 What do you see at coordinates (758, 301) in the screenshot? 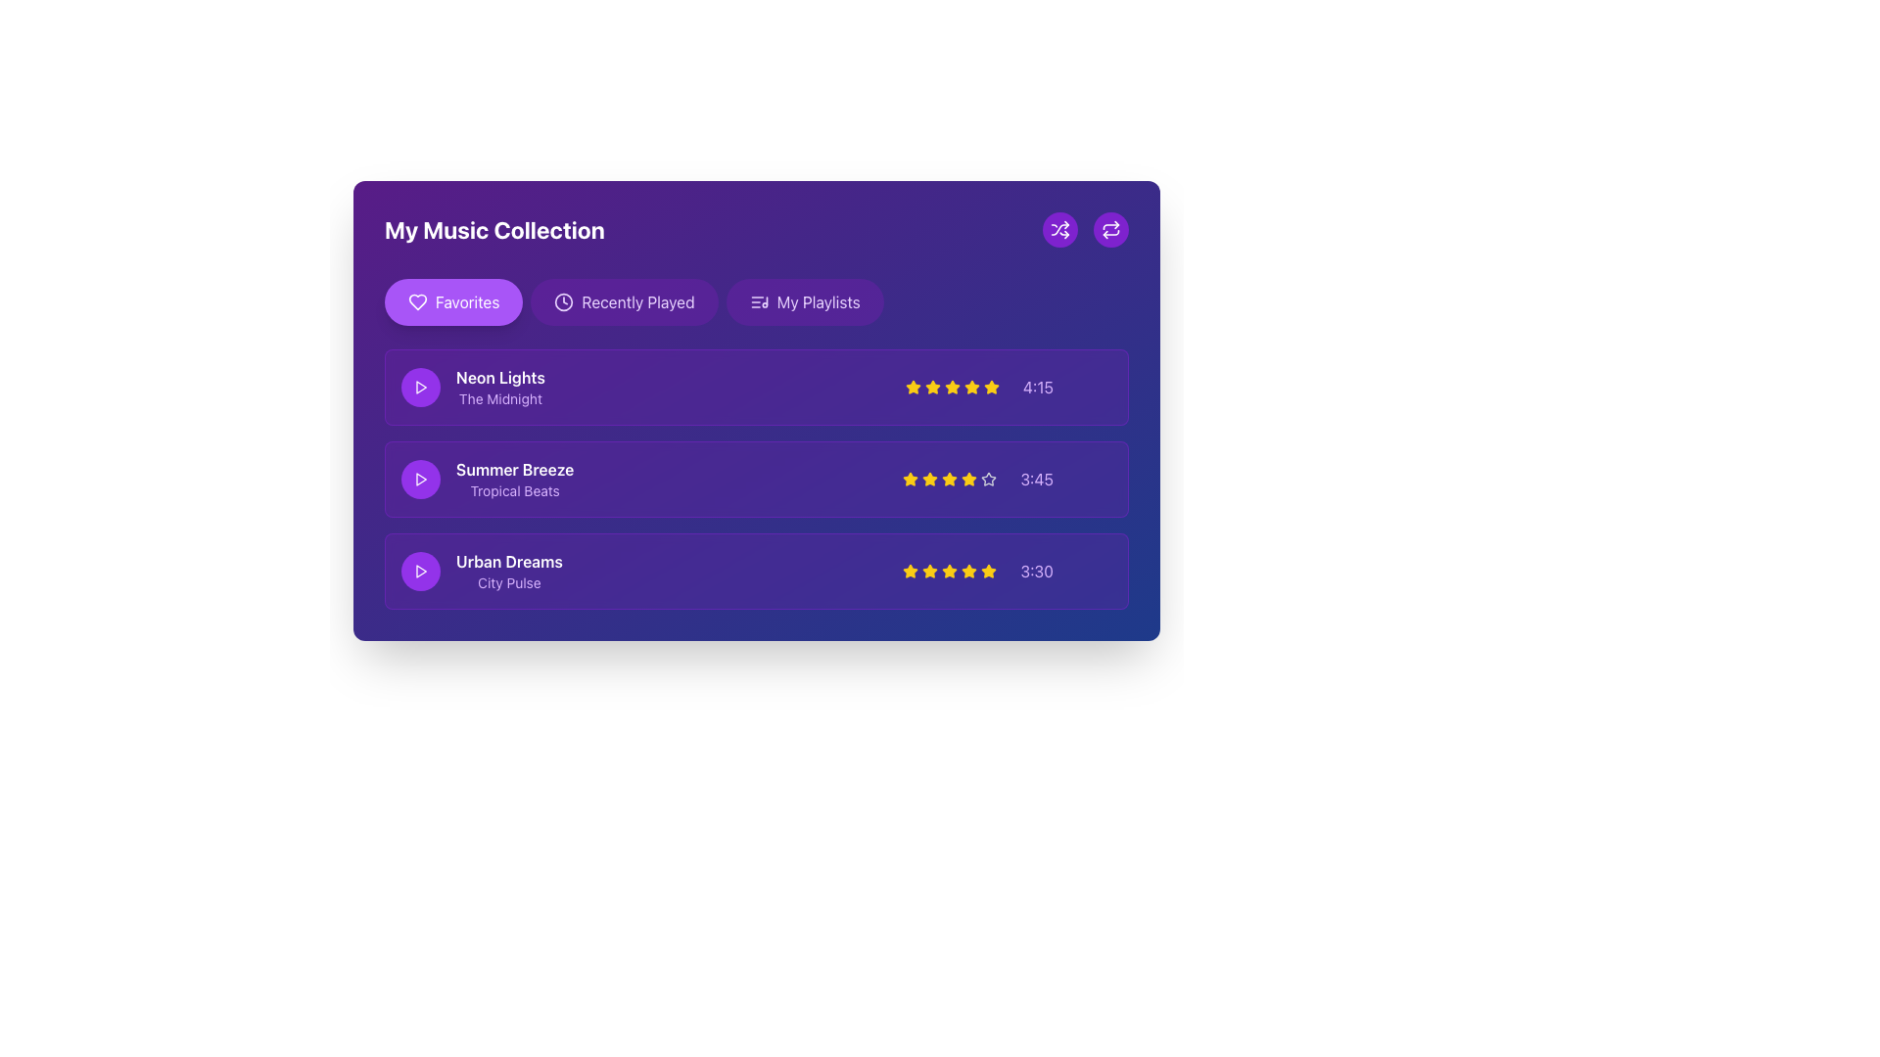
I see `the playlist icon, which resembles a list with a musical note, located within the 'My Playlists' button, the third option in the top navigation row` at bounding box center [758, 301].